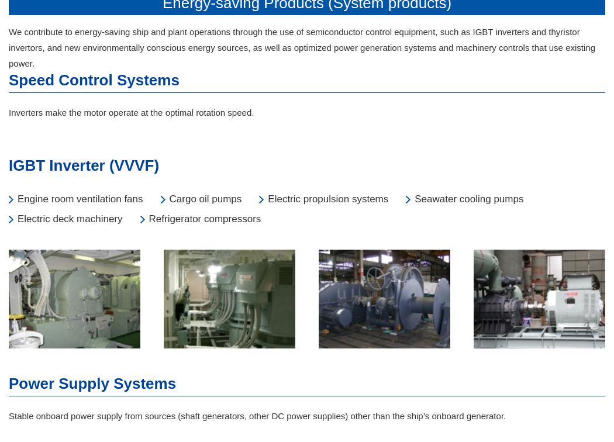 This screenshot has width=614, height=442. What do you see at coordinates (9, 165) in the screenshot?
I see `'IGBT Inverter (VVVF)'` at bounding box center [9, 165].